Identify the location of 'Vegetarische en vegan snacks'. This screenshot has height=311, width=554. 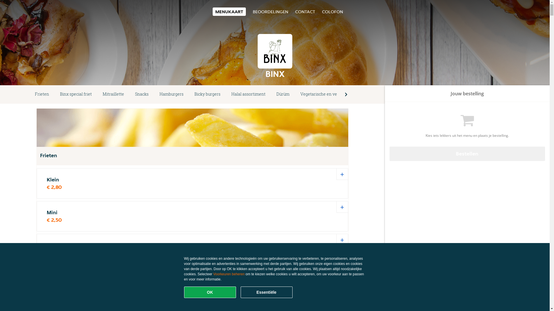
(329, 94).